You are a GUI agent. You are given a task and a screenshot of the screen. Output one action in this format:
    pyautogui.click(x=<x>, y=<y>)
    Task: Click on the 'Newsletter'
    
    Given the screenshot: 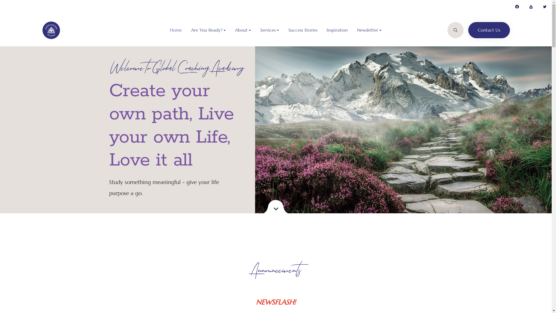 What is the action you would take?
    pyautogui.click(x=369, y=30)
    